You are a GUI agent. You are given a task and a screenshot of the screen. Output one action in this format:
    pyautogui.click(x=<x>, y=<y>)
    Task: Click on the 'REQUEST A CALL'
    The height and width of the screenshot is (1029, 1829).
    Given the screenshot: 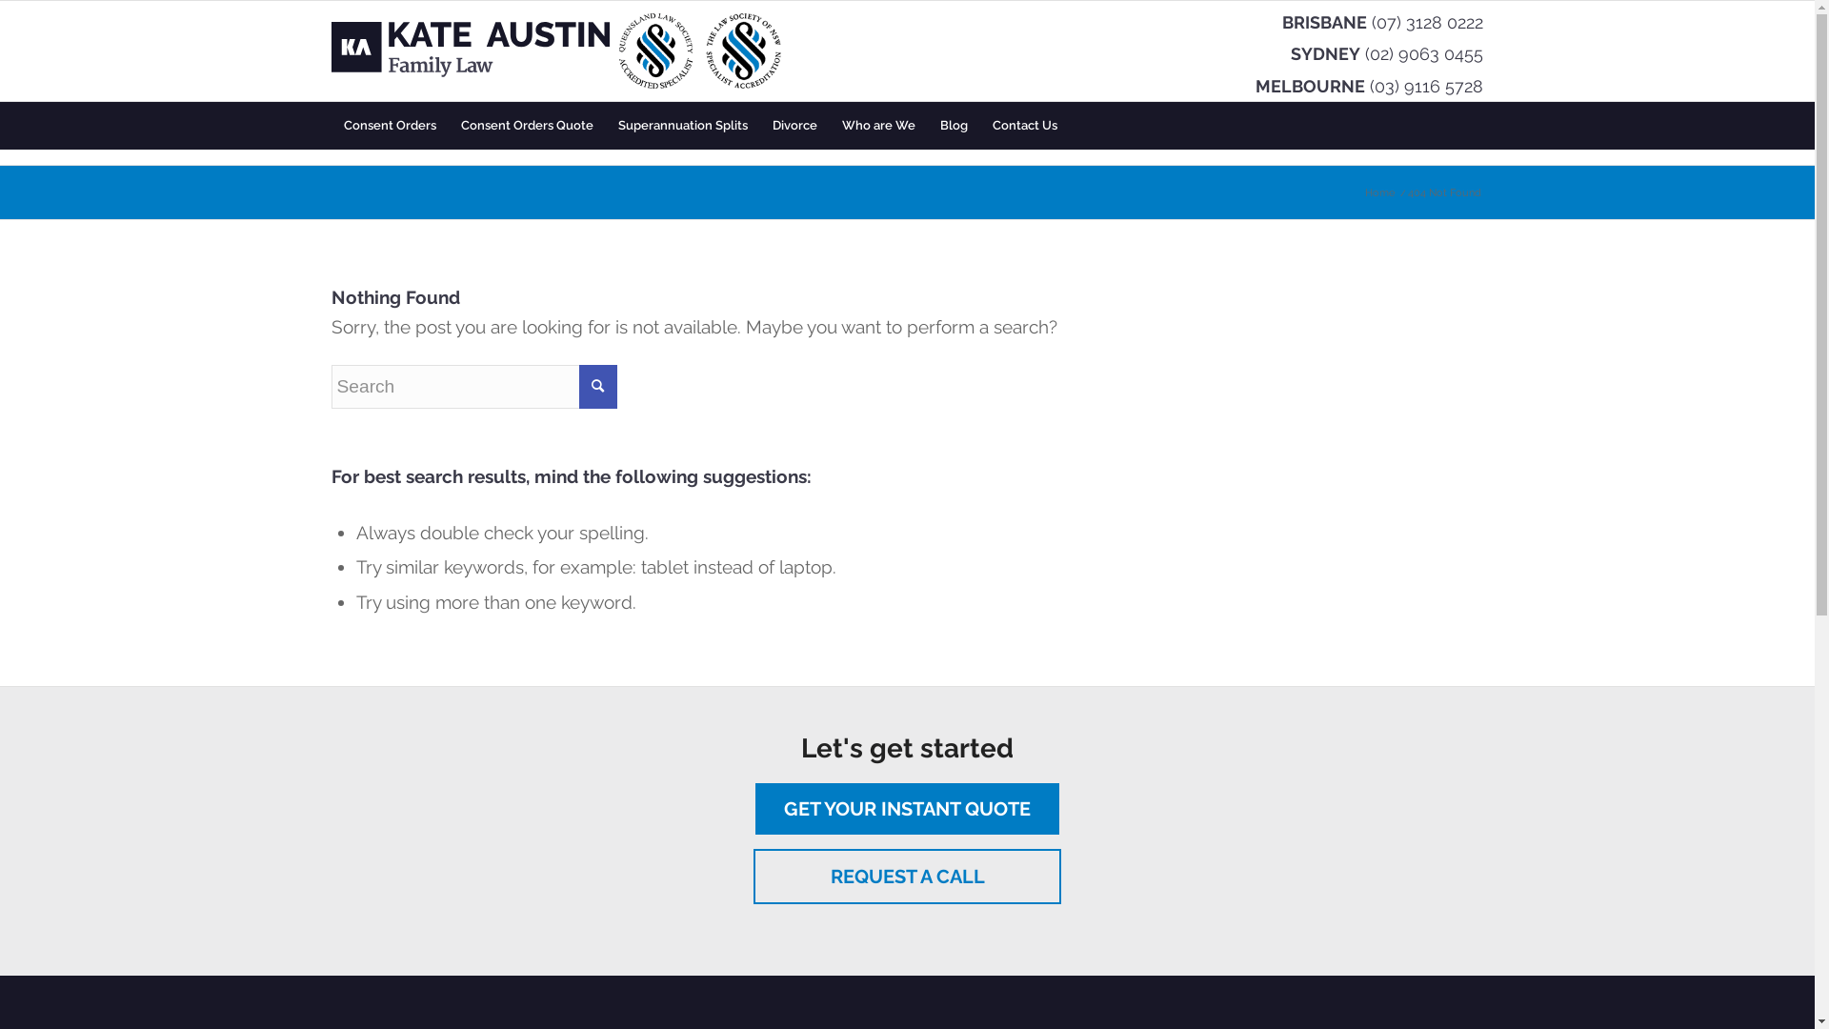 What is the action you would take?
    pyautogui.click(x=753, y=877)
    